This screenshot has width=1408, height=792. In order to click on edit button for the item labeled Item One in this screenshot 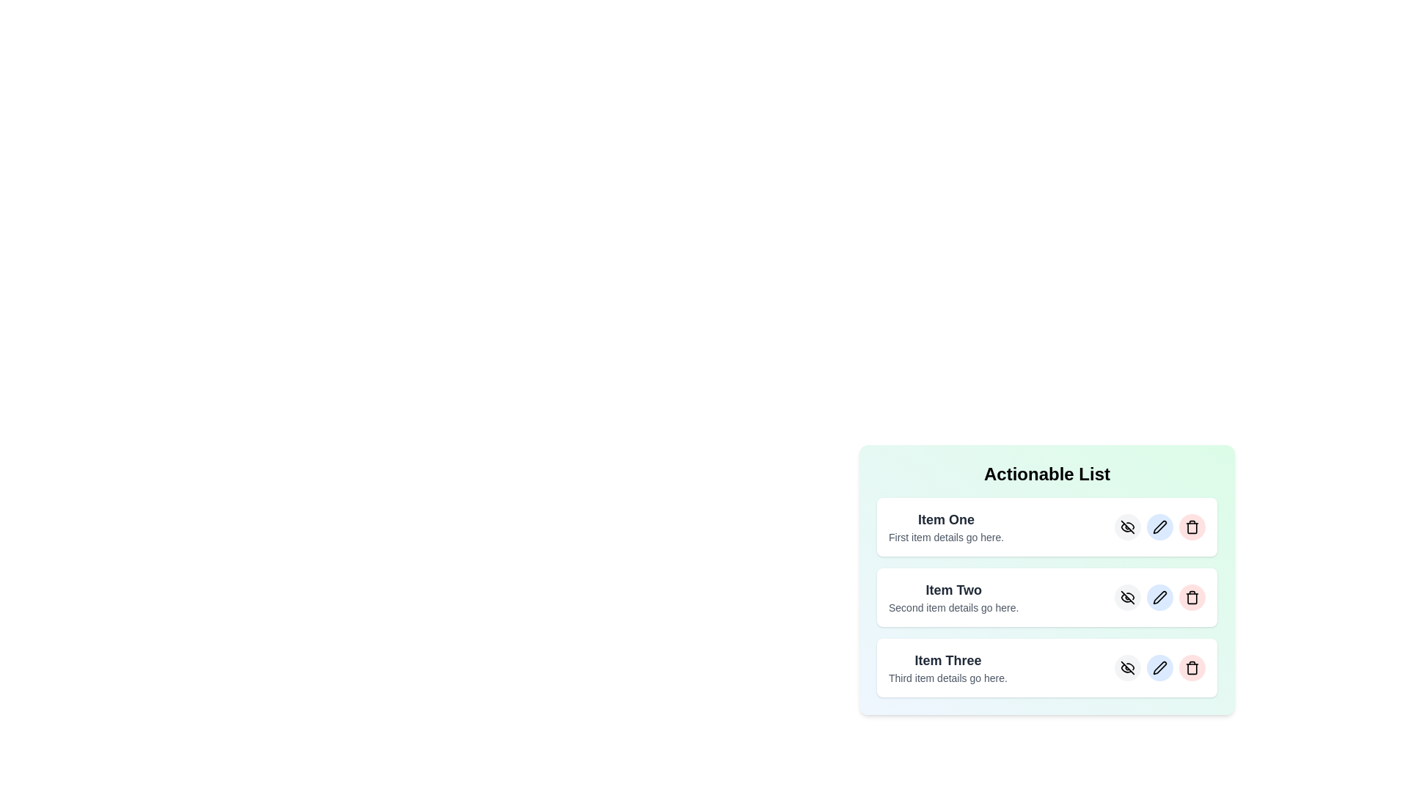, I will do `click(1159, 526)`.